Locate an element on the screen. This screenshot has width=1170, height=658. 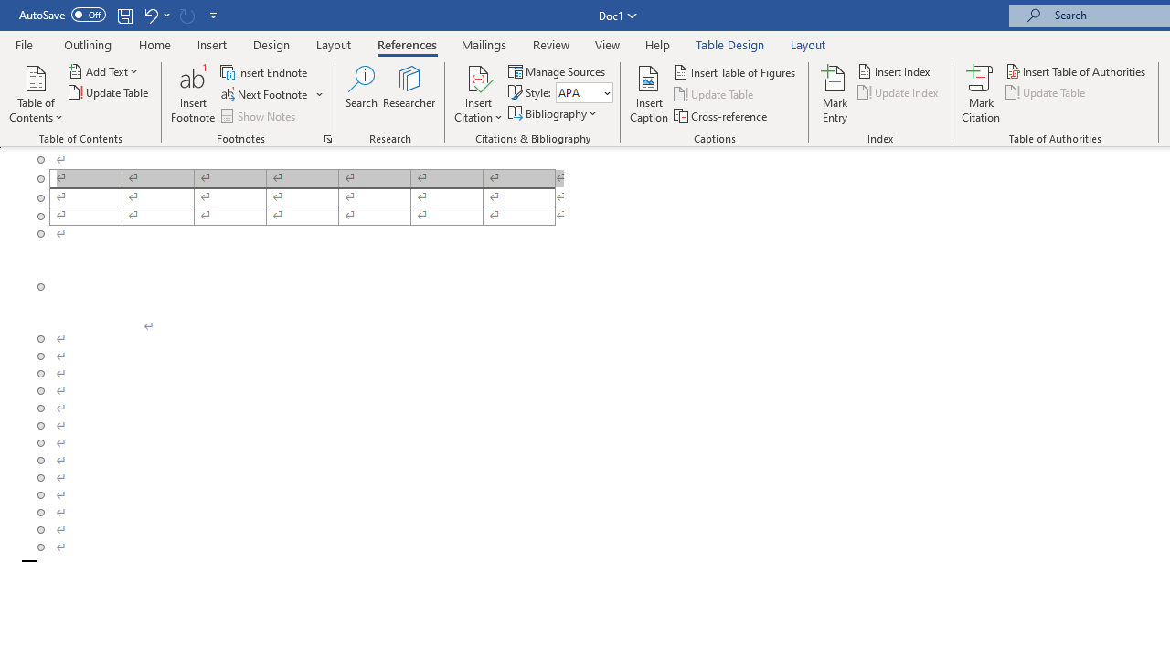
'Update Table' is located at coordinates (1047, 92).